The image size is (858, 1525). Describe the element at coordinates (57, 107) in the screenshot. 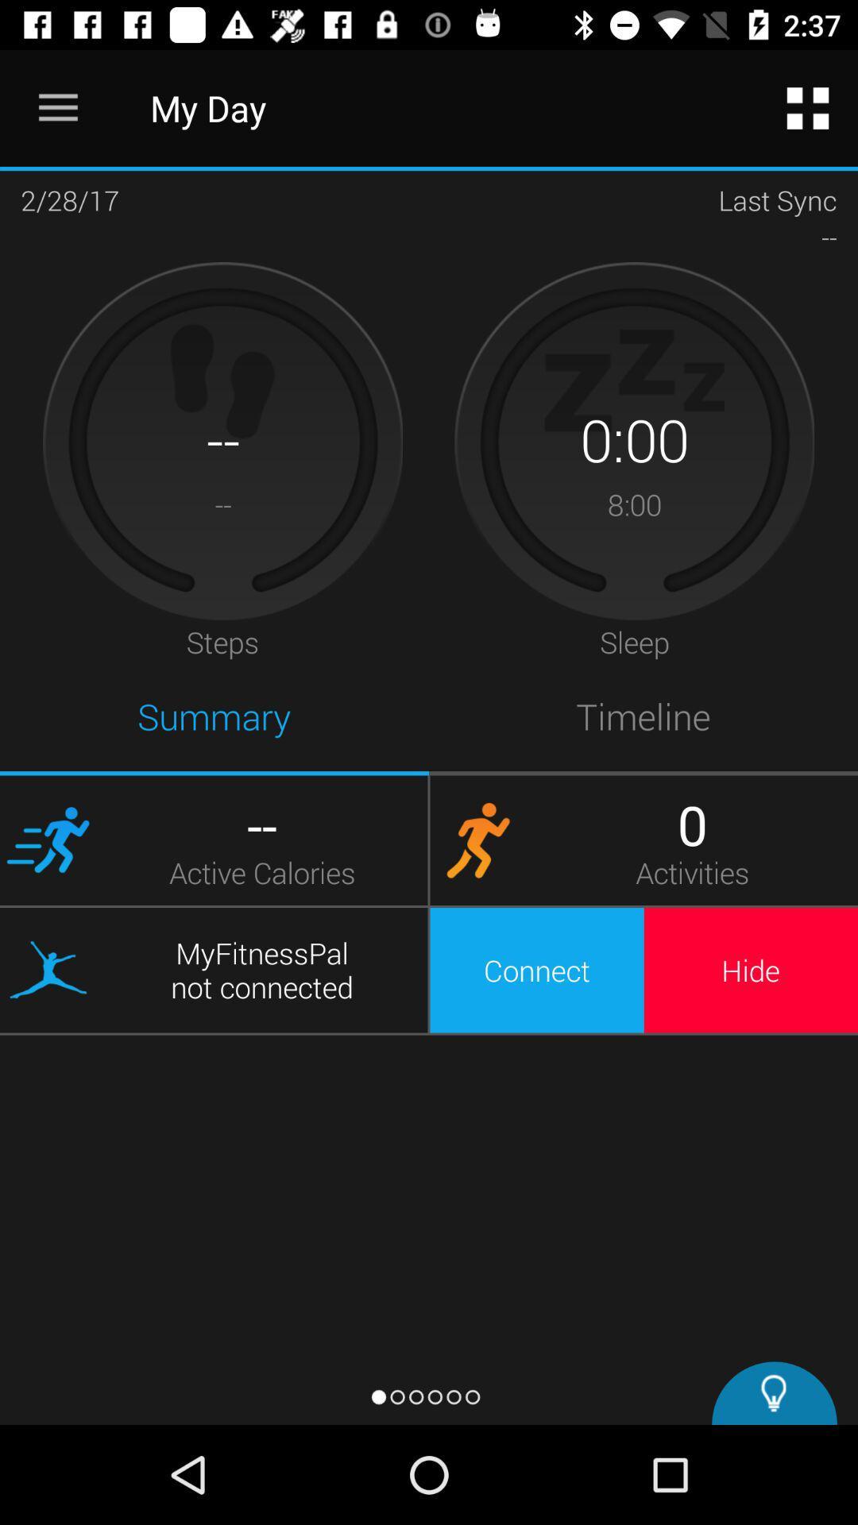

I see `the icon to the left of the my day item` at that location.